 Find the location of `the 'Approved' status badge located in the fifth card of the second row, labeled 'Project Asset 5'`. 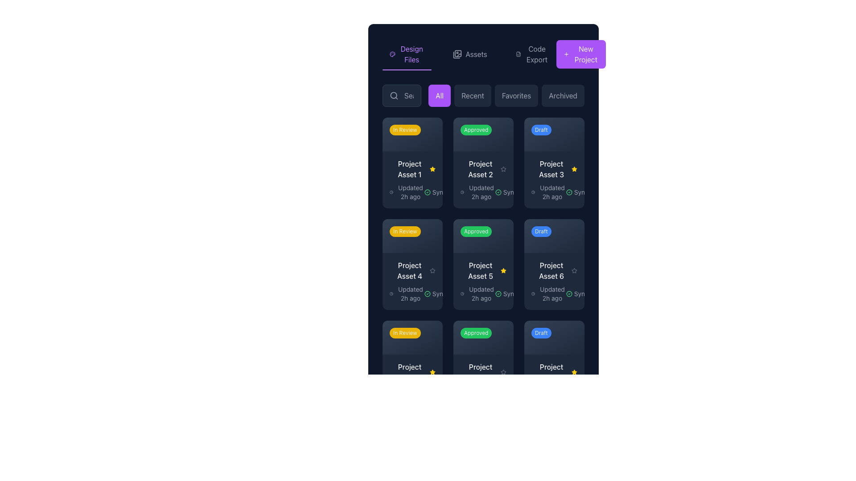

the 'Approved' status badge located in the fifth card of the second row, labeled 'Project Asset 5' is located at coordinates (481, 232).